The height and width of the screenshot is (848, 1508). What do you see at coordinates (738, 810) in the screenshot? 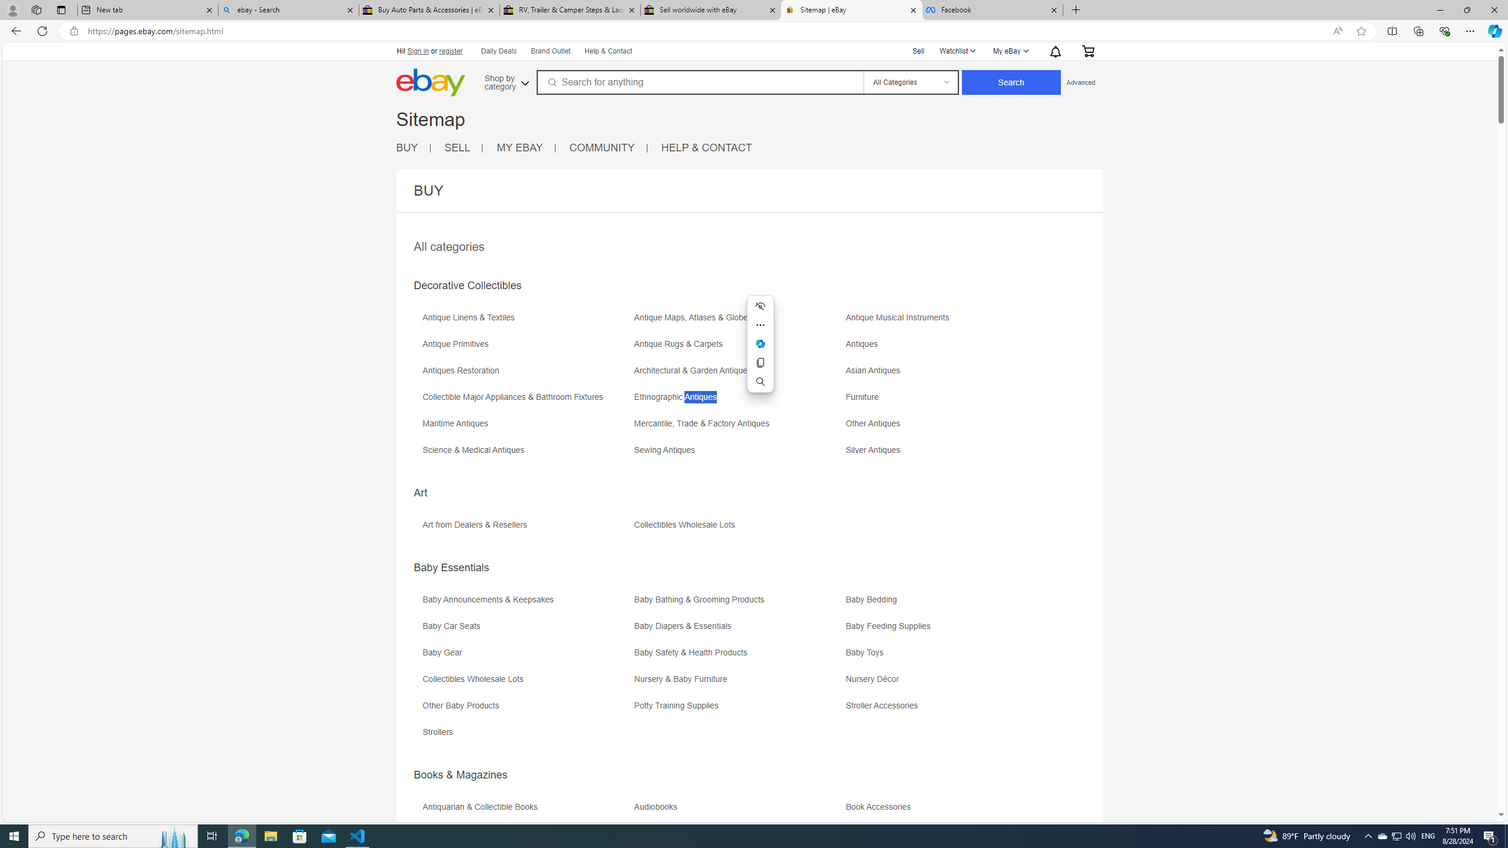
I see `'Audiobooks'` at bounding box center [738, 810].